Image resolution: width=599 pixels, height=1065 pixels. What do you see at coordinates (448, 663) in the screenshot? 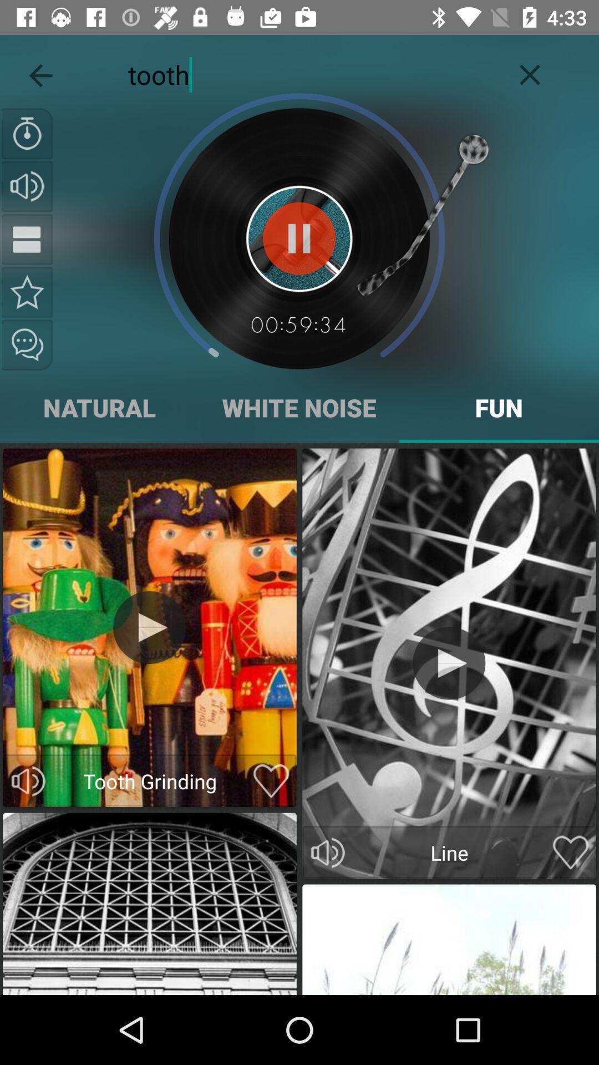
I see `play` at bounding box center [448, 663].